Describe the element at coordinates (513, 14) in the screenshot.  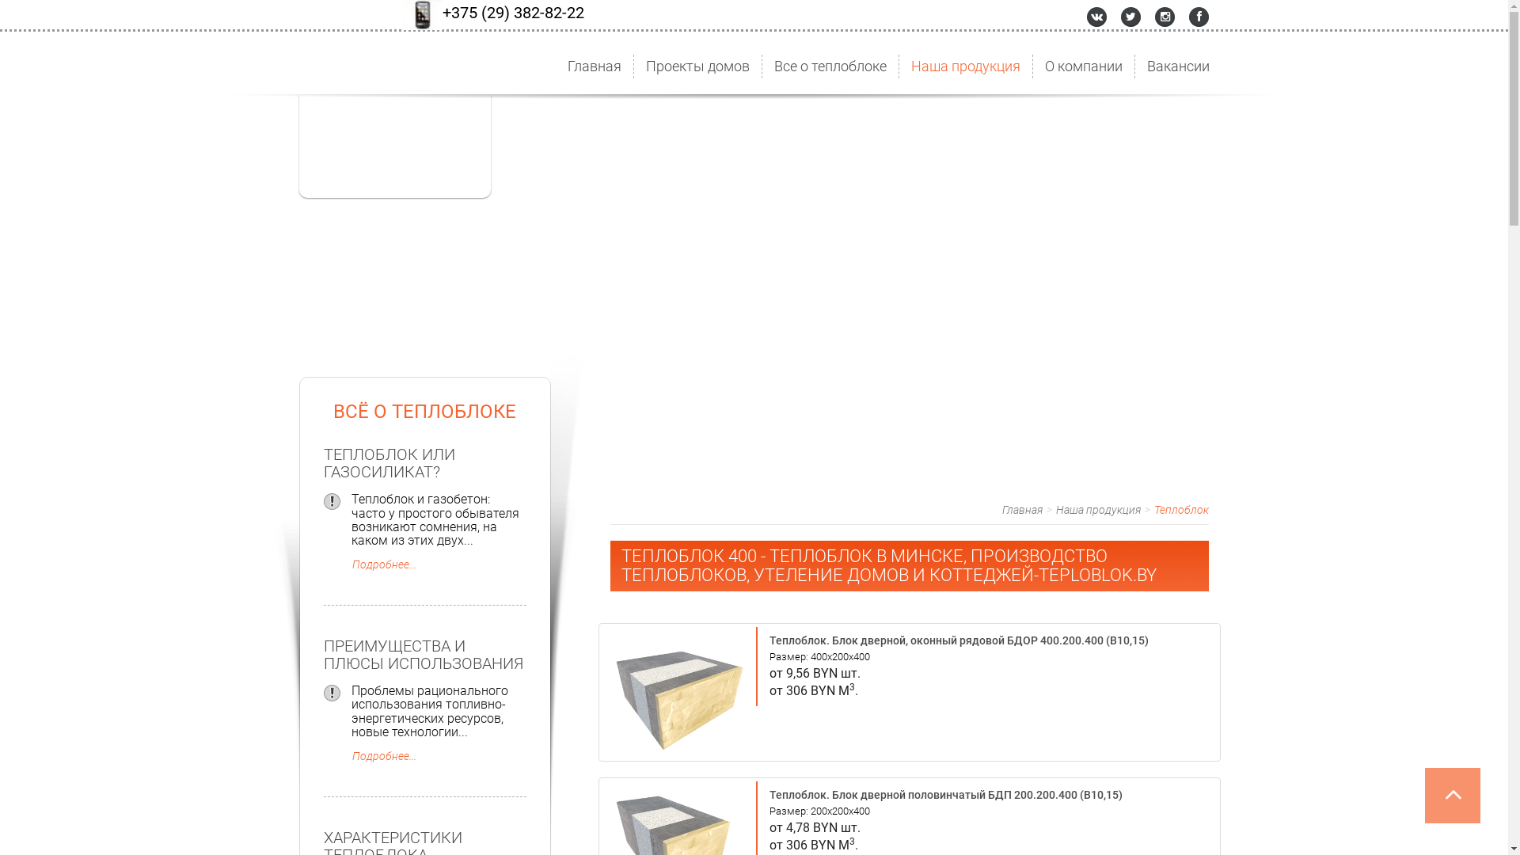
I see `'+375 (29) 382-82-22'` at that location.